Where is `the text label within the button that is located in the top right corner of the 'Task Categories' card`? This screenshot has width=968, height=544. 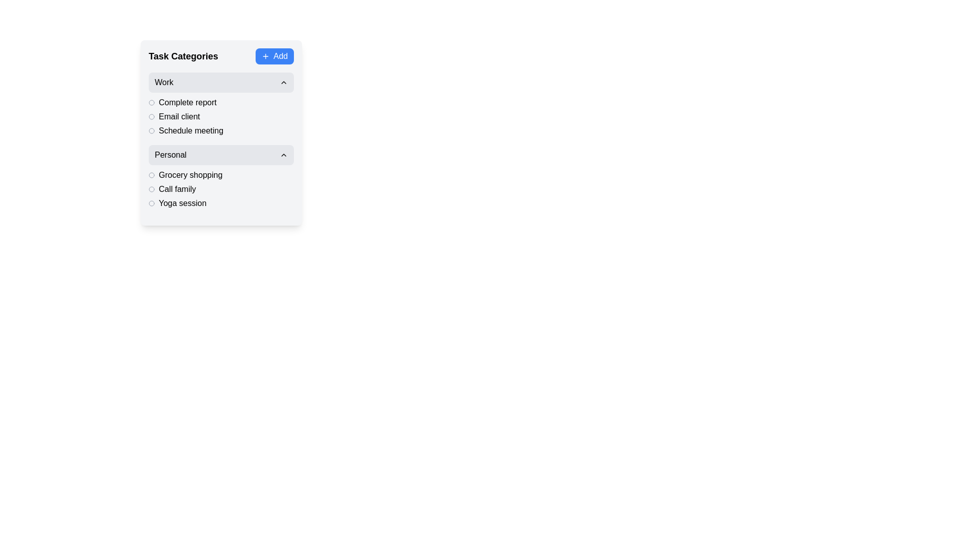
the text label within the button that is located in the top right corner of the 'Task Categories' card is located at coordinates (280, 56).